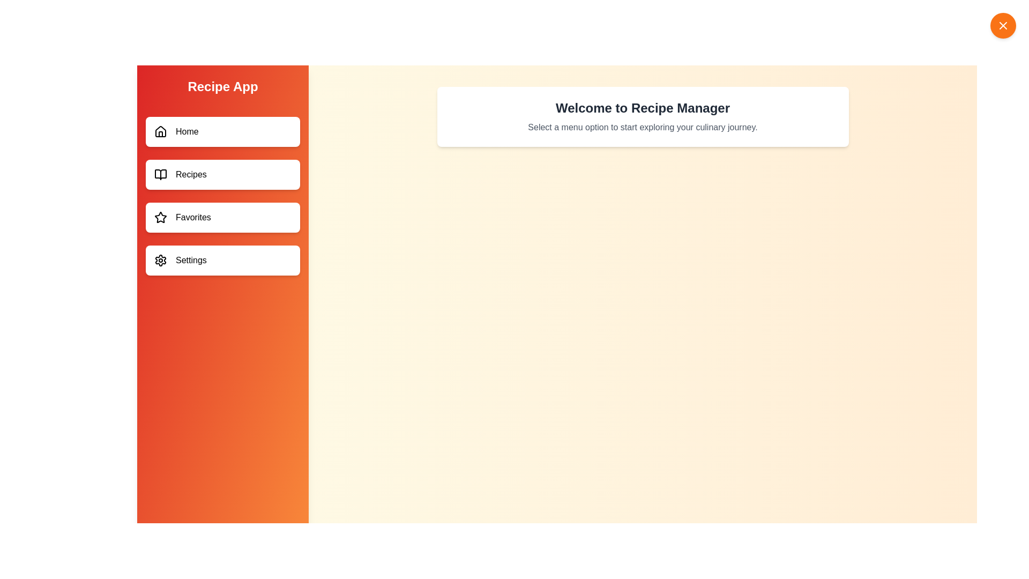  I want to click on the menu item labeled Home, so click(222, 131).